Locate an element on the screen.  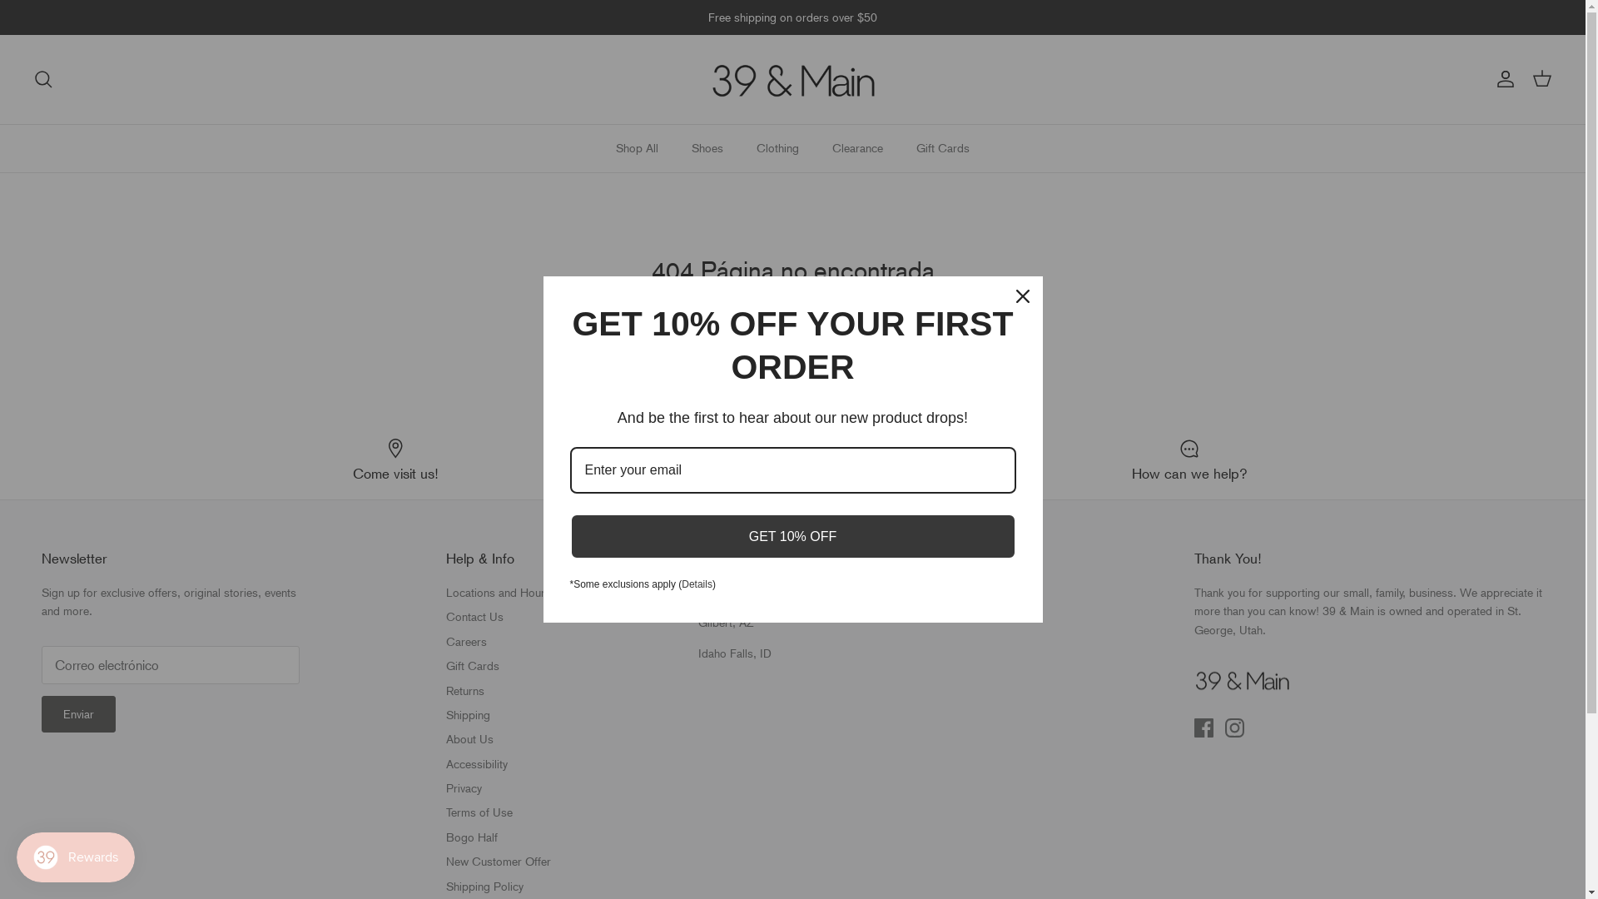
'Gift Cards' is located at coordinates (446, 664).